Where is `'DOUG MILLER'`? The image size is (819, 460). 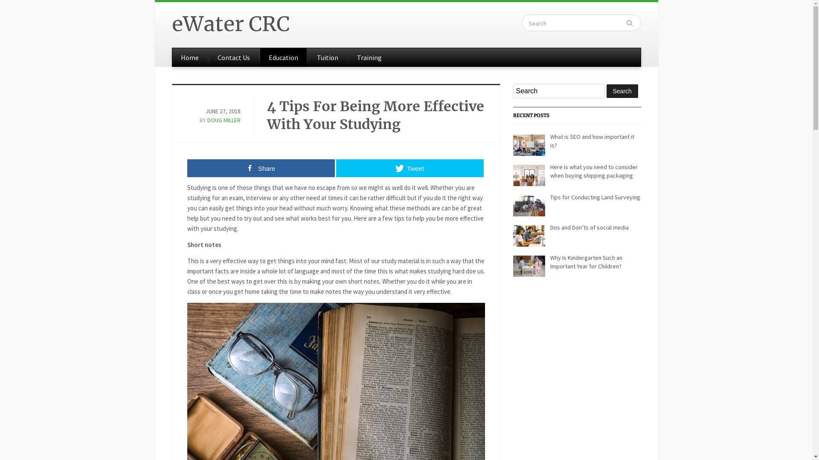 'DOUG MILLER' is located at coordinates (224, 120).